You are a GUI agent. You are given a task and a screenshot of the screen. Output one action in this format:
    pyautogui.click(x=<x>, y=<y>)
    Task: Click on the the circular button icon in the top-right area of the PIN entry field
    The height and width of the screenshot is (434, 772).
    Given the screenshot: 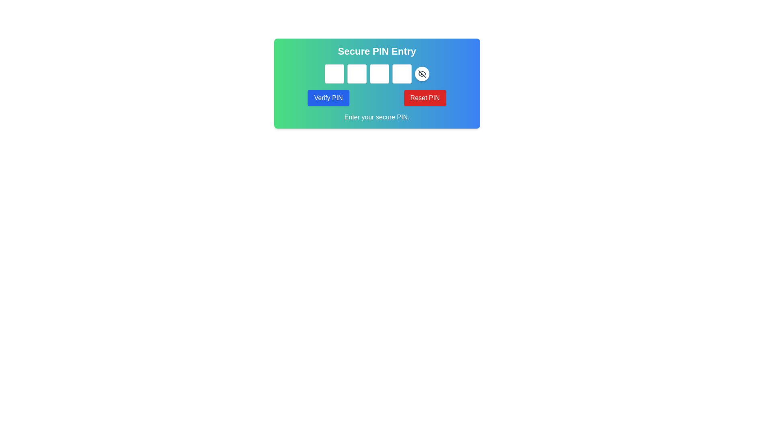 What is the action you would take?
    pyautogui.click(x=421, y=74)
    